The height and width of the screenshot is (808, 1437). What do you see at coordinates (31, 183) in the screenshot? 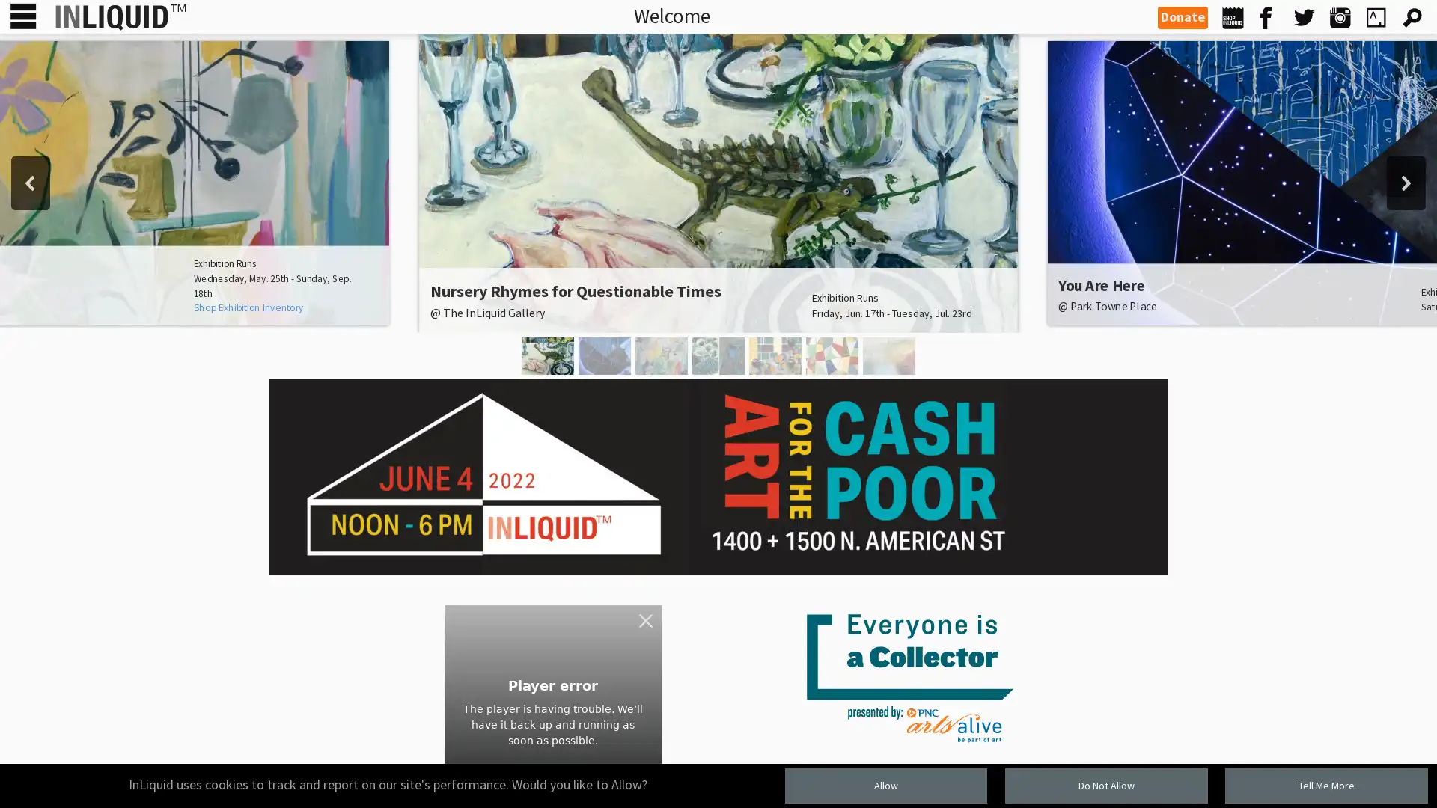
I see `previous arrow` at bounding box center [31, 183].